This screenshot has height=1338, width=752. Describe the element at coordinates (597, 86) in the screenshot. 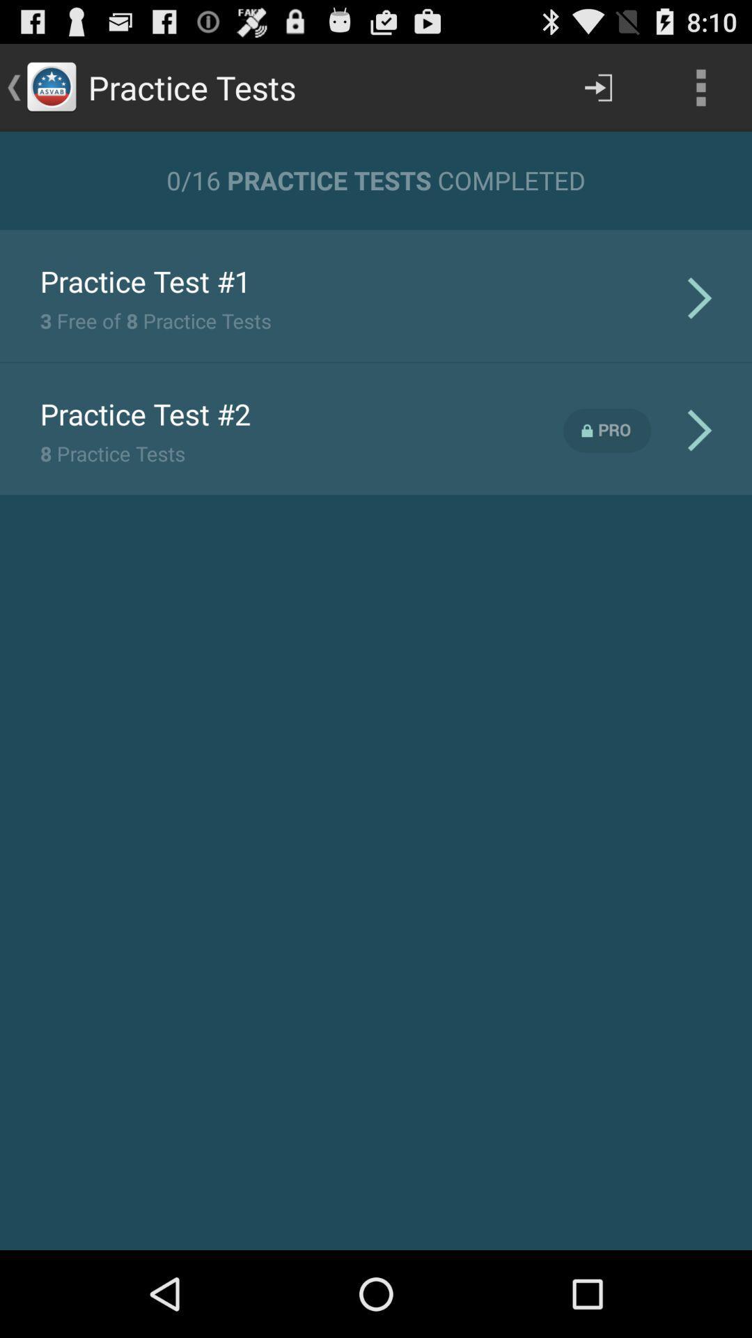

I see `the item next to practice tests app` at that location.